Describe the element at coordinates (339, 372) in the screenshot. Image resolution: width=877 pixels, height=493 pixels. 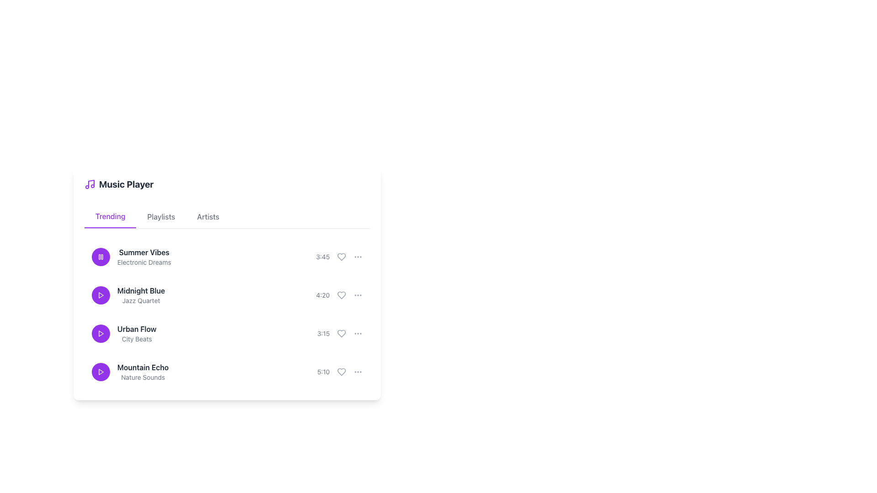
I see `the Text Label indicating the duration of 'Mountain Echo', which is positioned to the left of a heart-shaped icon and a vertical more options icon in the music player interface` at that location.